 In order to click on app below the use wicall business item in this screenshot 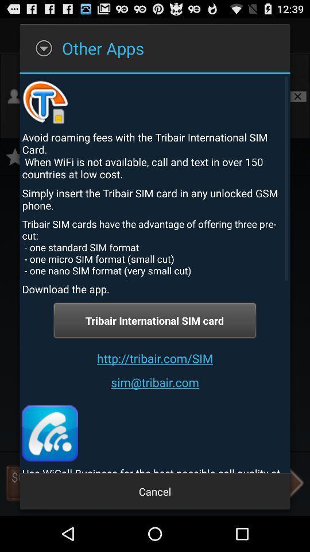, I will do `click(155, 490)`.